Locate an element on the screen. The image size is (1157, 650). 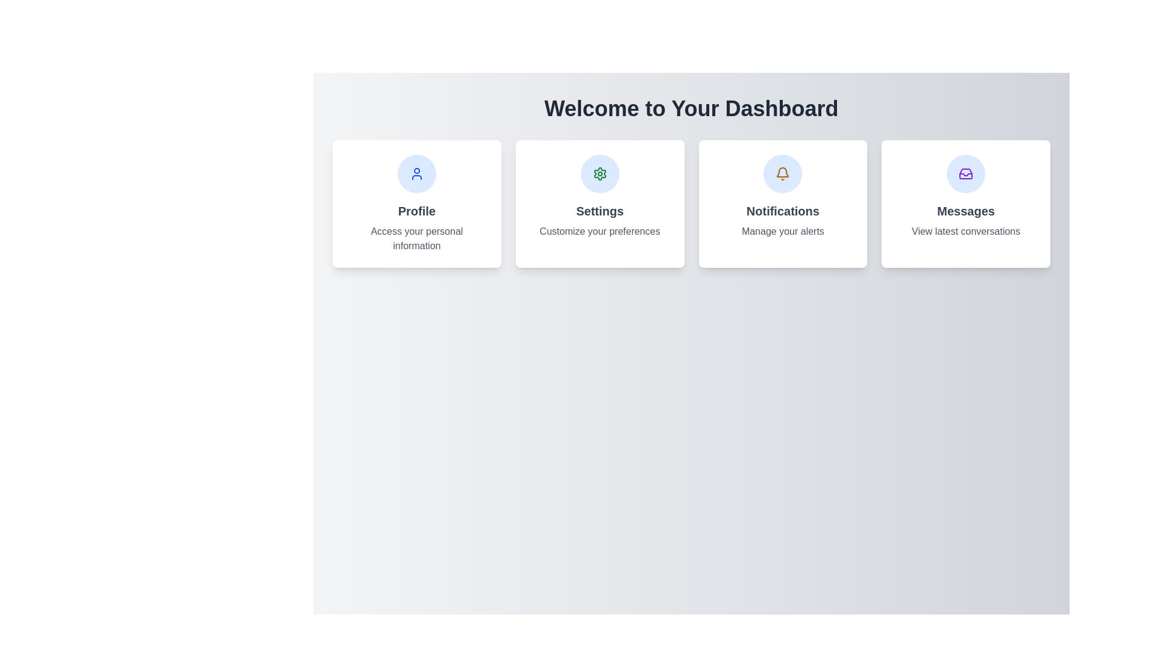
the text label that reads 'View latest conversations', which is styled in gray color and is centered below the bold title 'Messages' is located at coordinates (966, 232).